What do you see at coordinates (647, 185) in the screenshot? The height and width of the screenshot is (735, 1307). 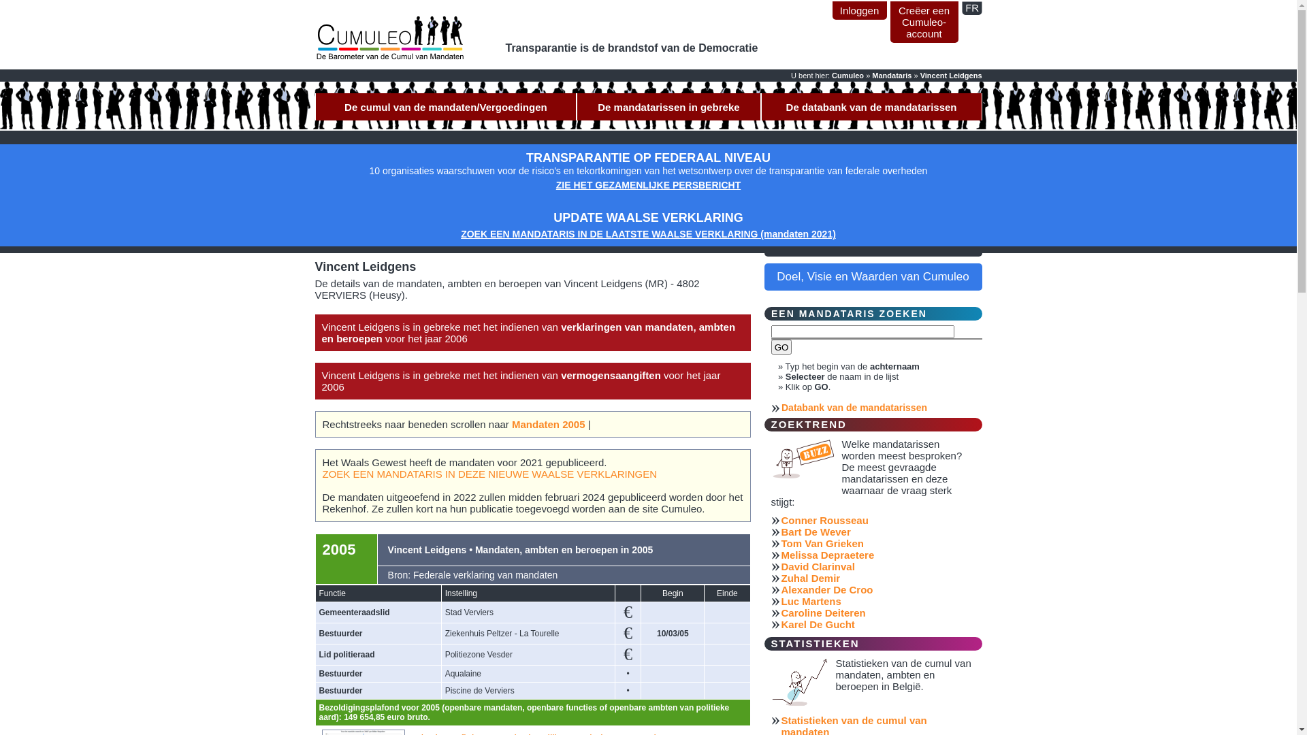 I see `'ZIE HET GEZAMENLIJKE PERSBERICHT'` at bounding box center [647, 185].